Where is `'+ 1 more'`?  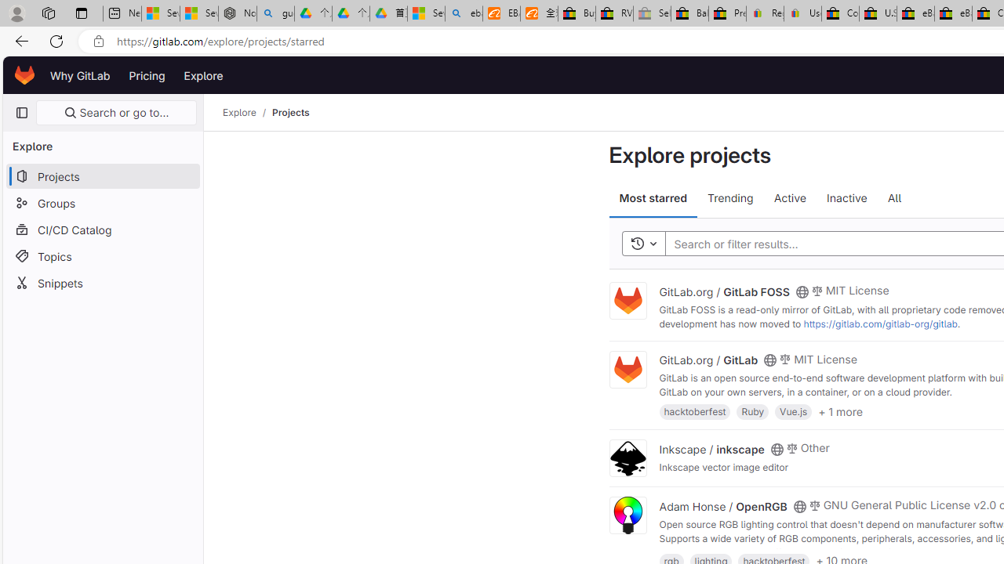
'+ 1 more' is located at coordinates (839, 410).